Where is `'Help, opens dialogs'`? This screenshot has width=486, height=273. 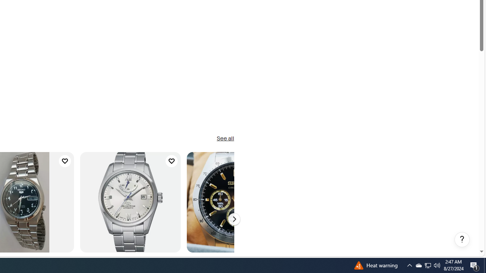
'Help, opens dialogs' is located at coordinates (462, 240).